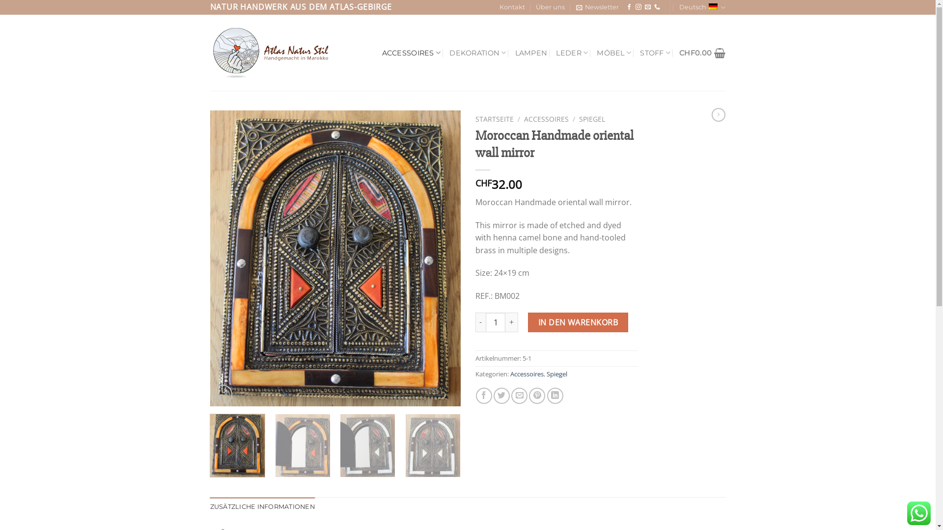 Image resolution: width=943 pixels, height=530 pixels. I want to click on 'Spiegel', so click(556, 374).